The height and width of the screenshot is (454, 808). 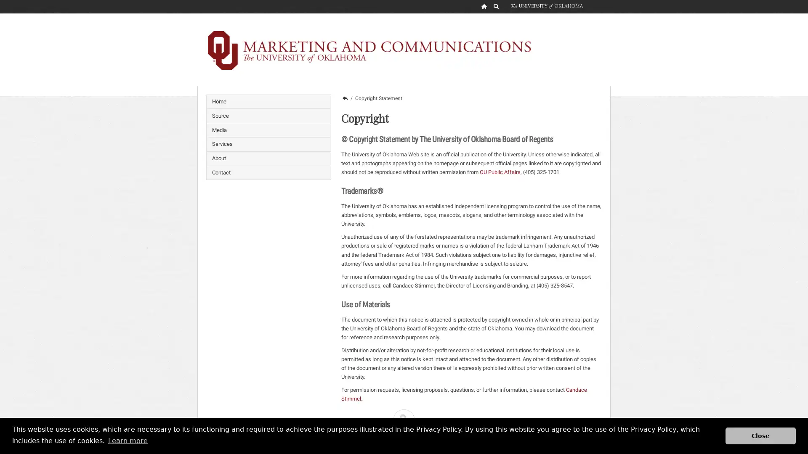 I want to click on learn more about cookies, so click(x=127, y=440).